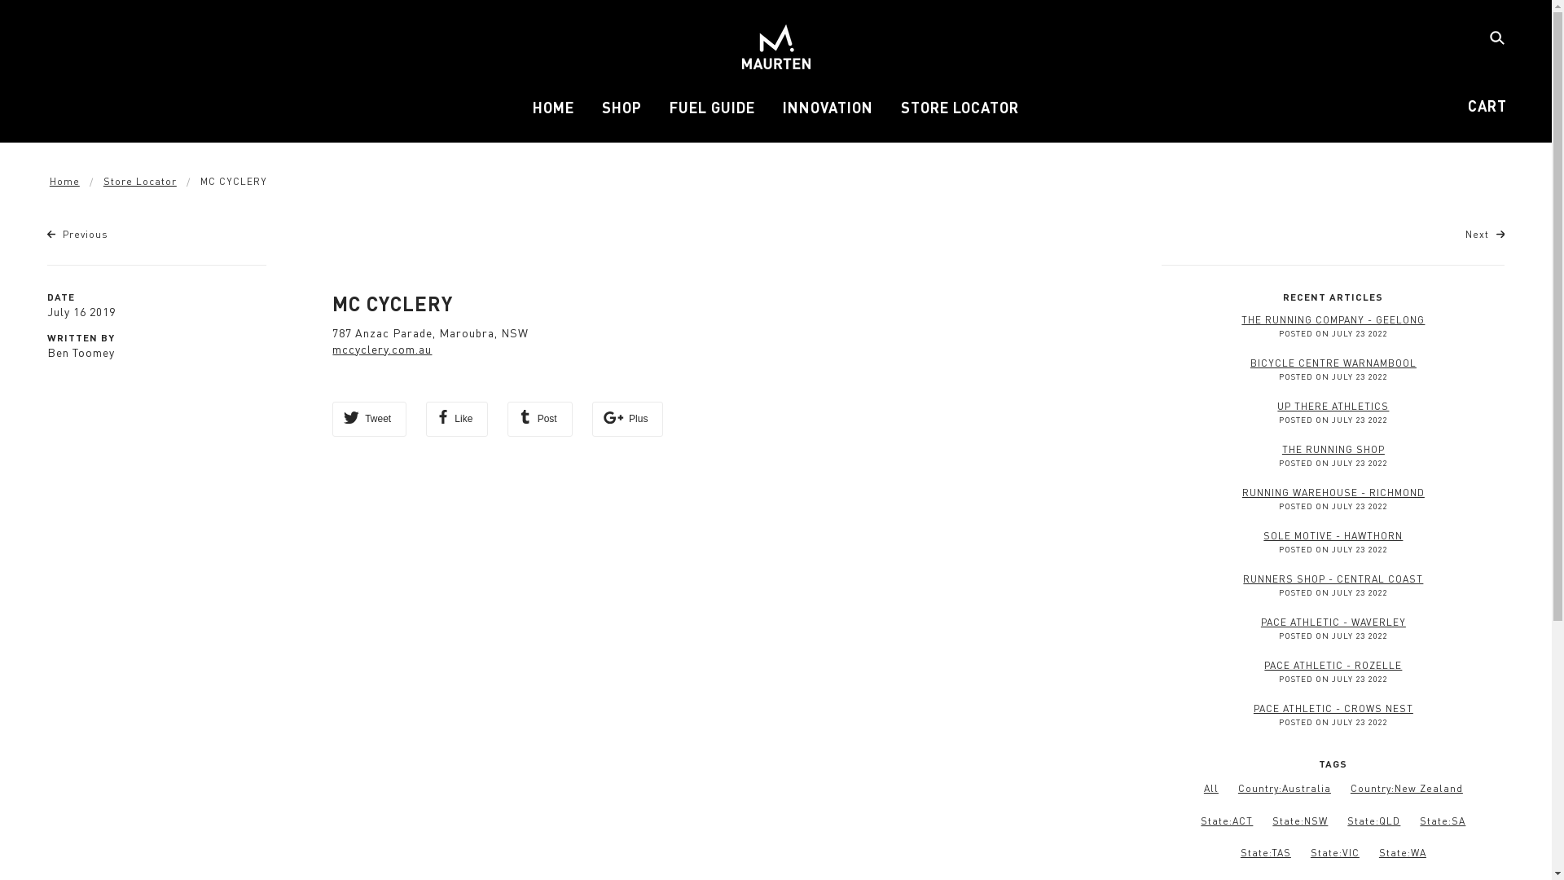  Describe the element at coordinates (1347, 821) in the screenshot. I see `'State:QLD'` at that location.